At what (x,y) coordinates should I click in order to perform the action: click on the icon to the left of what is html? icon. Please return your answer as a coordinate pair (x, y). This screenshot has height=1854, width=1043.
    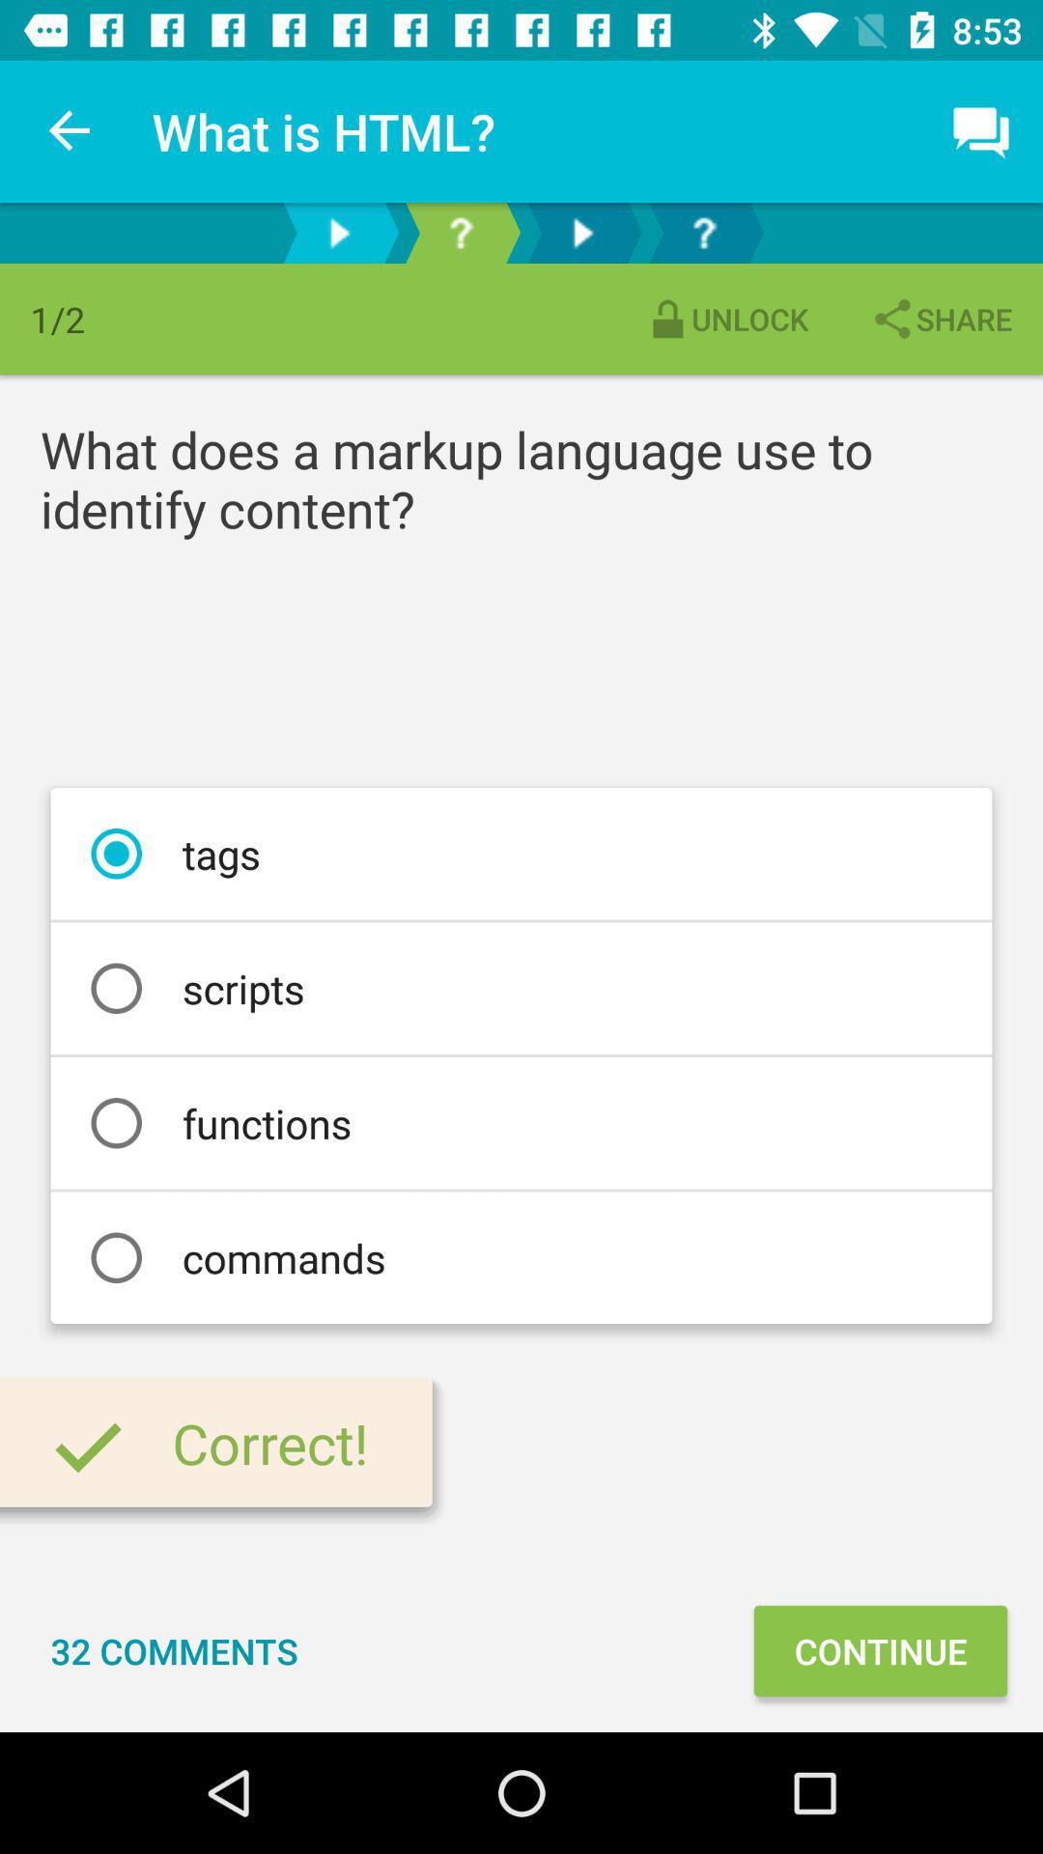
    Looking at the image, I should click on (70, 130).